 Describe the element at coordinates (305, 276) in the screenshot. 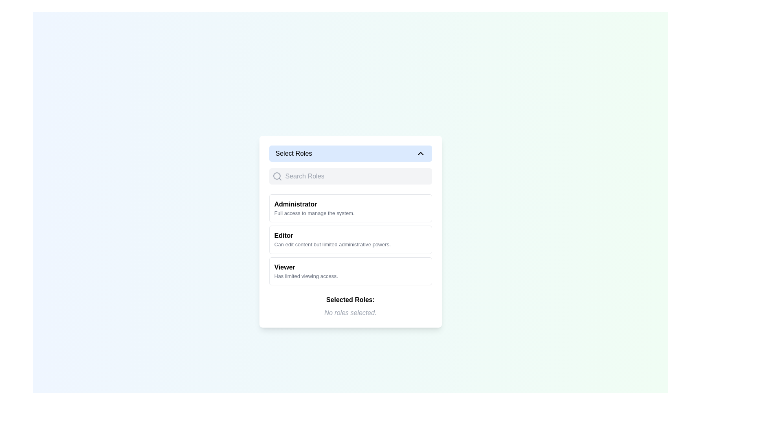

I see `the static label text that provides clarification for the 'Viewer' role, located within the card layout directly below the 'Viewer' title` at that location.